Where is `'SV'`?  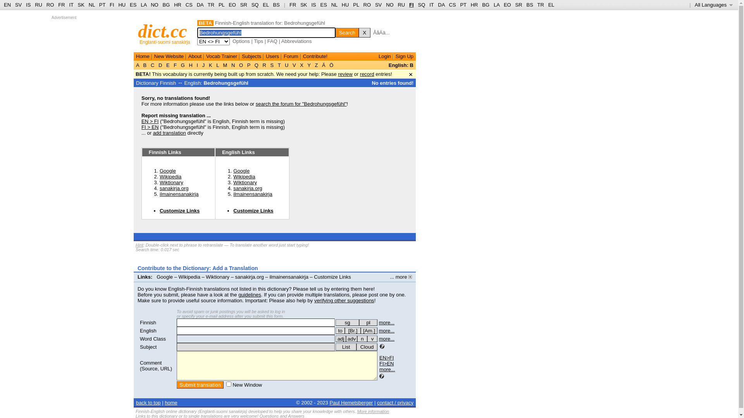
'SV' is located at coordinates (18, 5).